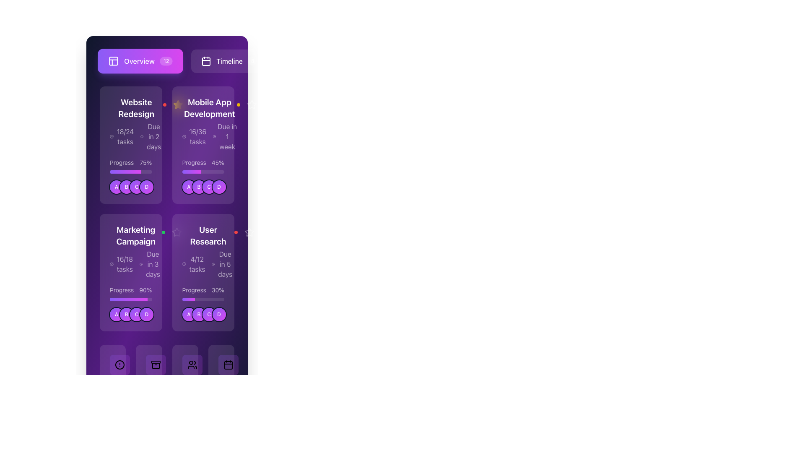 The image size is (805, 453). What do you see at coordinates (203, 293) in the screenshot?
I see `progress percentage displayed in the text and progress bar combination located within the 'User Research' card, positioned above the circular avatars labeled A, B, C, and D` at bounding box center [203, 293].